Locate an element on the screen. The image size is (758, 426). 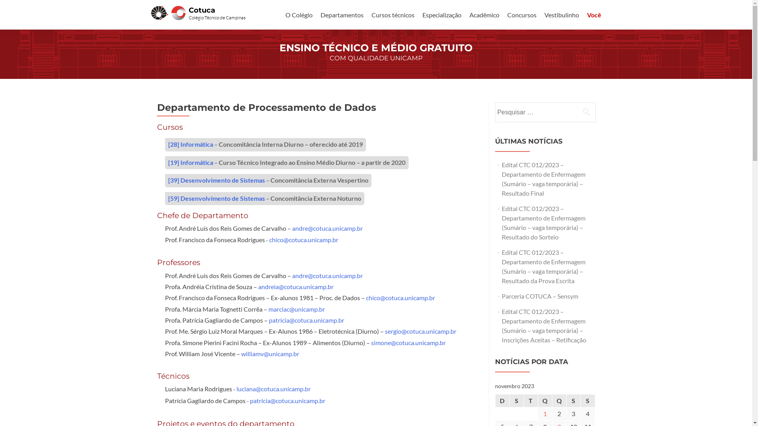
'andreia@cotuca.unicamp.br' is located at coordinates (258, 286).